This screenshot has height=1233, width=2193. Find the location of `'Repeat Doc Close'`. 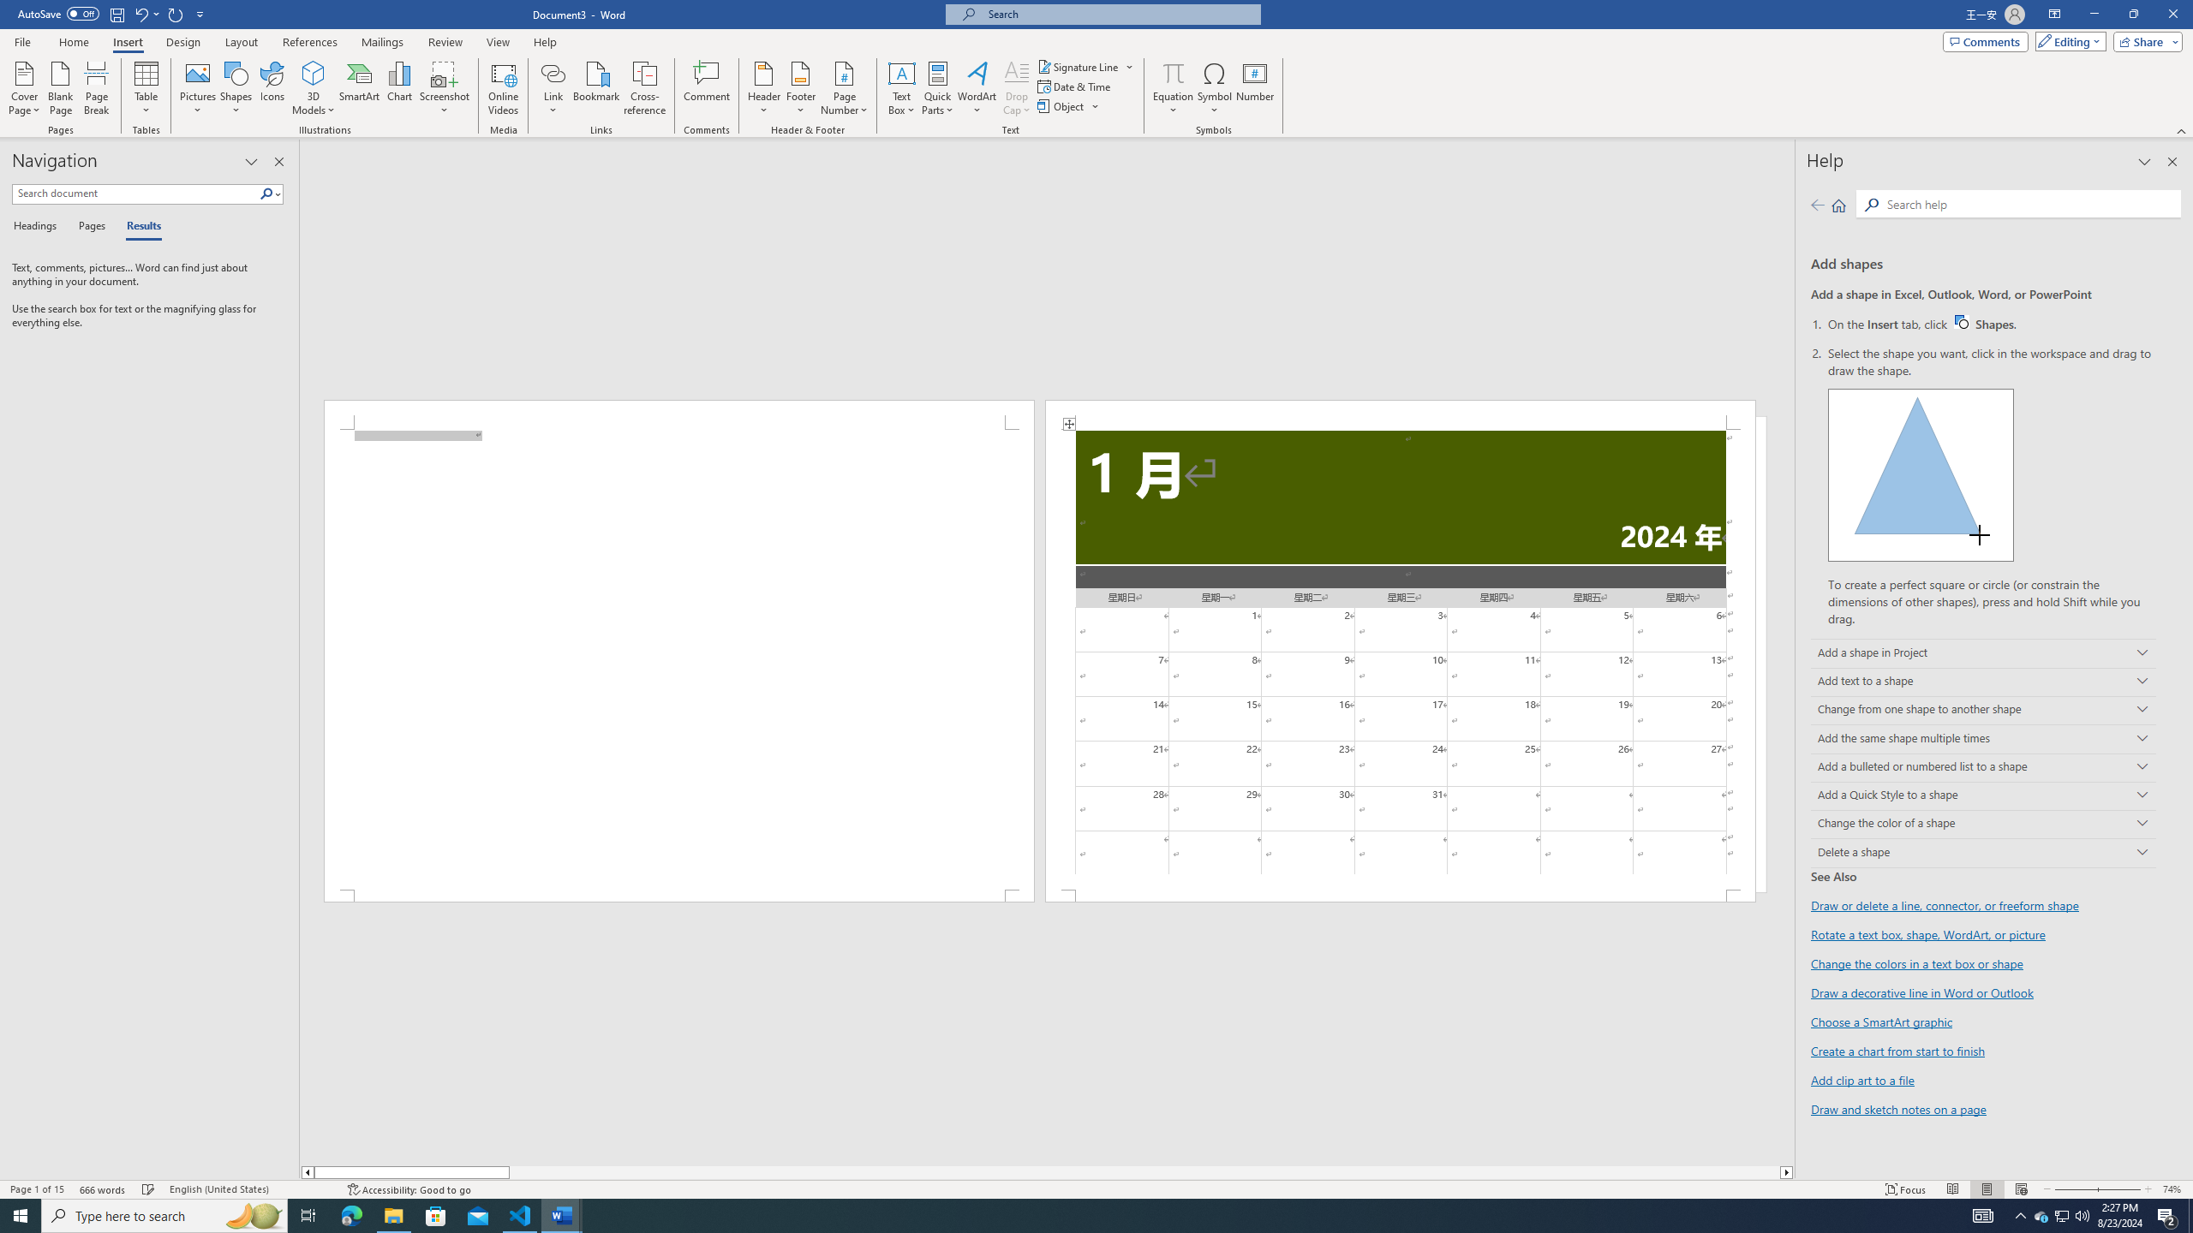

'Repeat Doc Close' is located at coordinates (176, 13).